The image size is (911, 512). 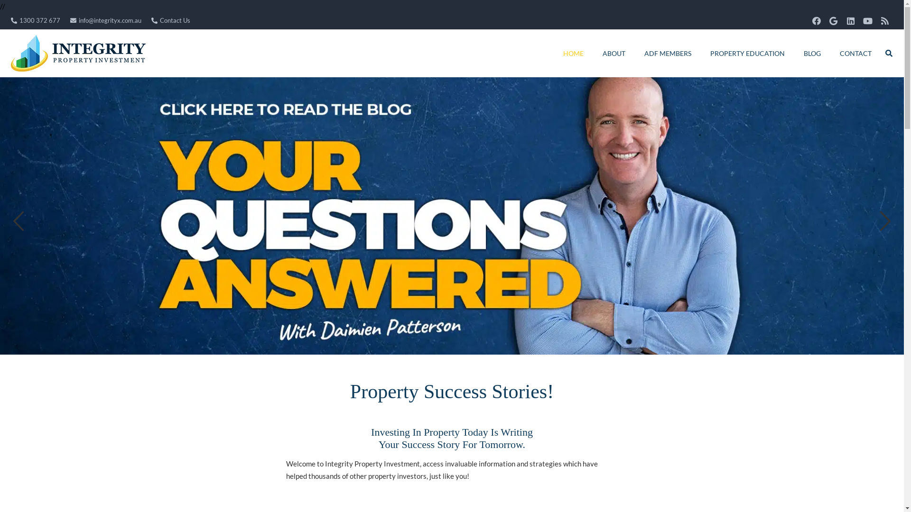 I want to click on 'LinkedIn', so click(x=850, y=20).